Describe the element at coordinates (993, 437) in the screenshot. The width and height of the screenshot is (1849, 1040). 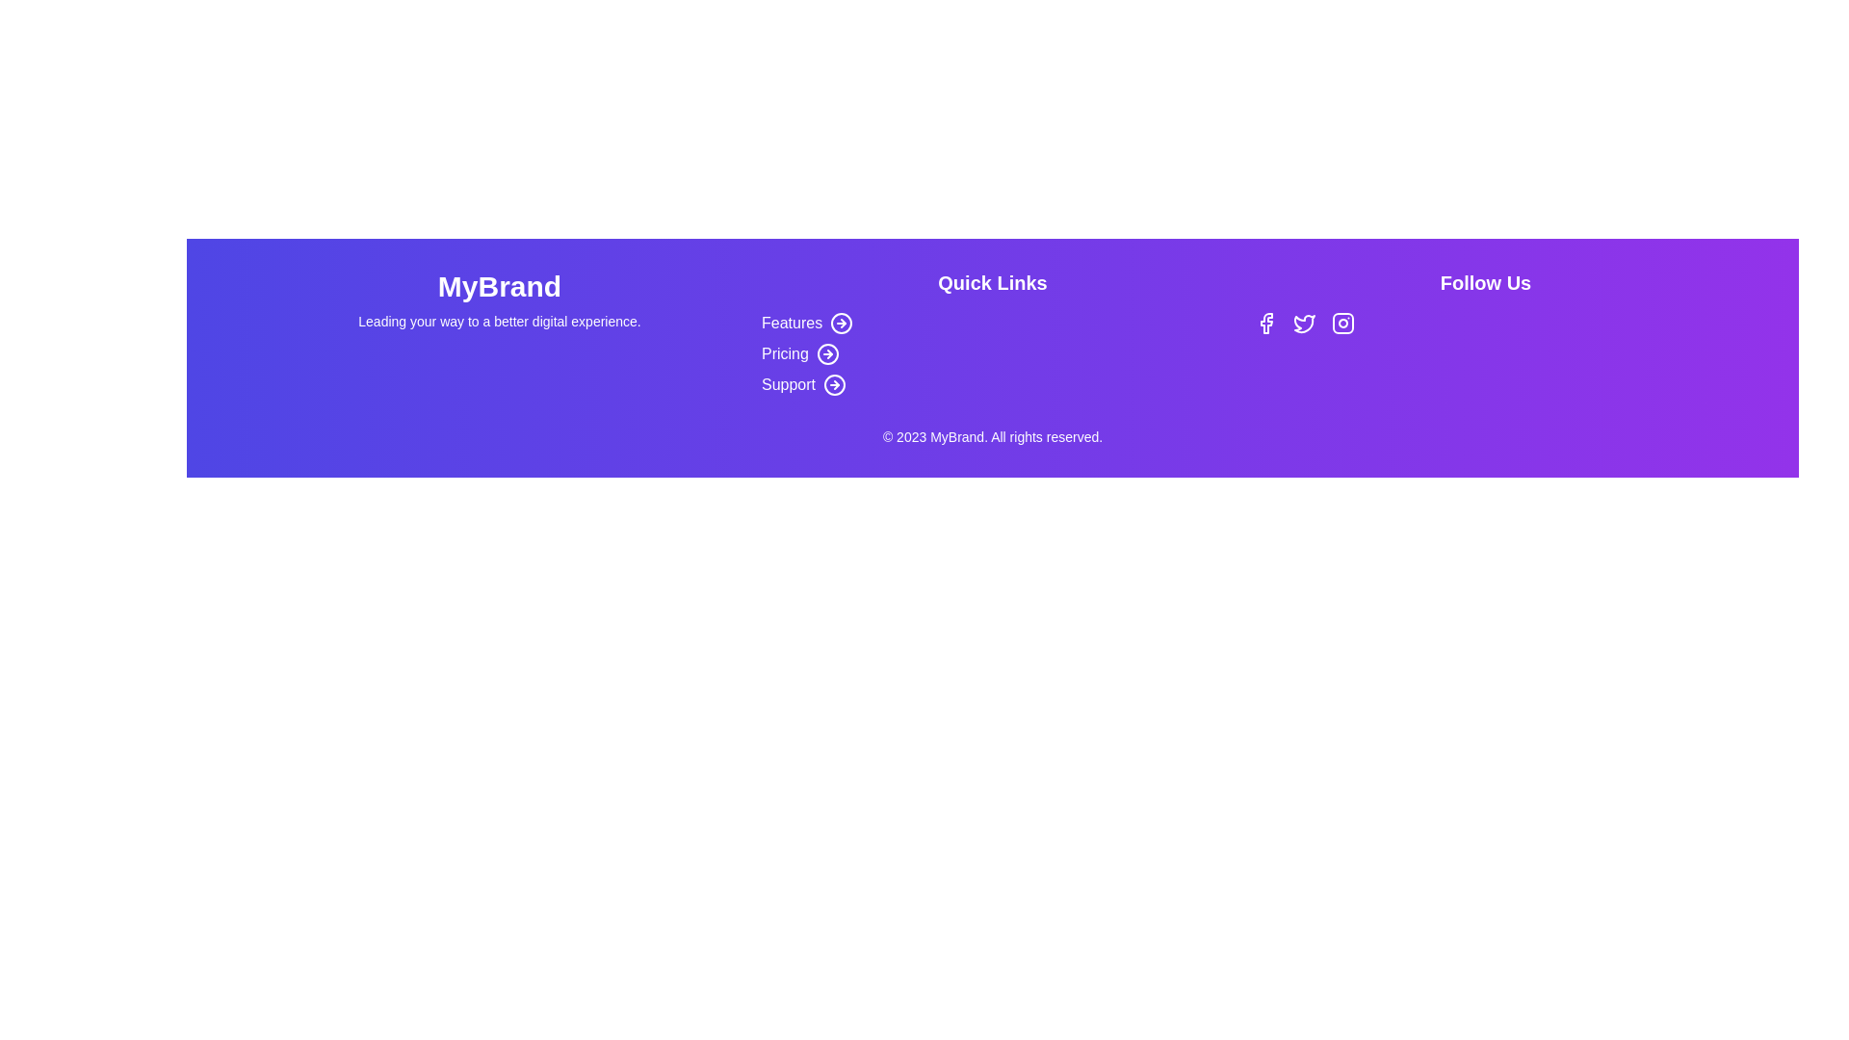
I see `the copyright notice text located at the bottom of the footer section, which is centered horizontally and has a gradient background with white text` at that location.